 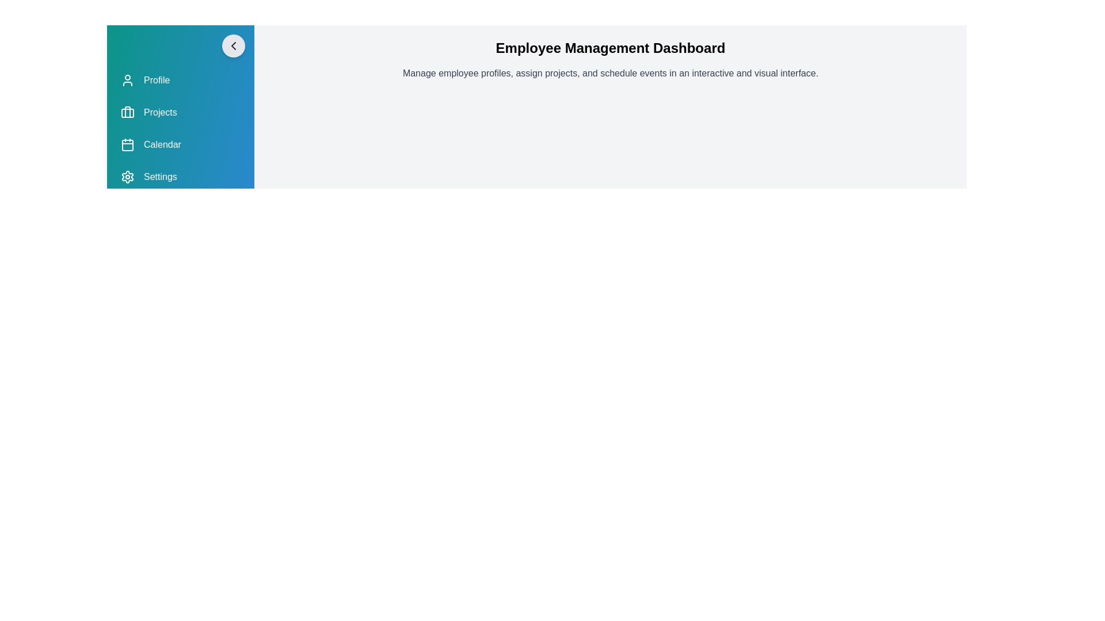 I want to click on the navigation item Settings from the drawer, so click(x=180, y=177).